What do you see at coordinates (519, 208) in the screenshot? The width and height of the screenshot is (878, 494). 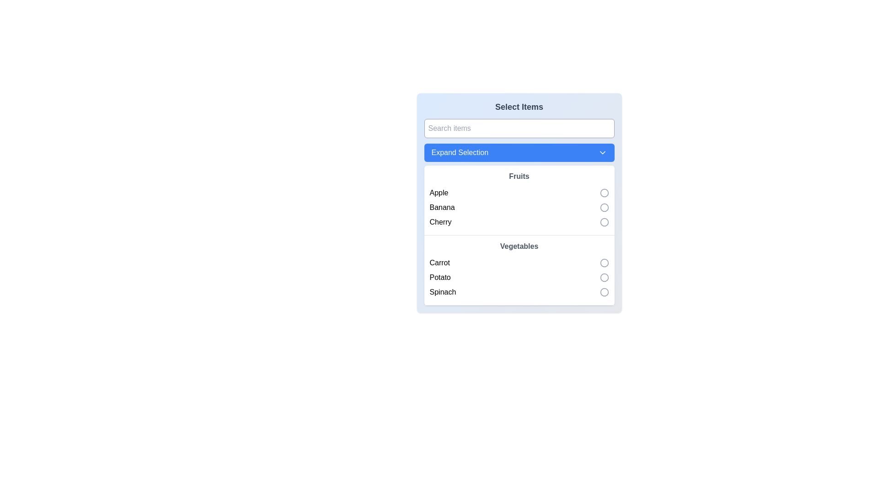 I see `the radio button of the second item in the 'Fruits' section of the selectable list` at bounding box center [519, 208].